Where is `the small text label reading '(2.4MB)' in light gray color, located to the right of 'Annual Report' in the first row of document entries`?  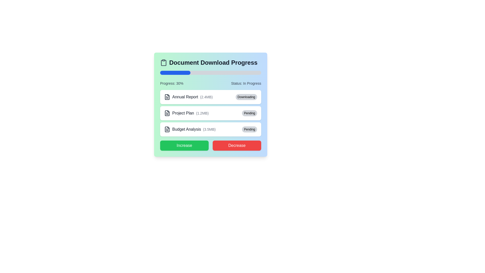 the small text label reading '(2.4MB)' in light gray color, located to the right of 'Annual Report' in the first row of document entries is located at coordinates (206, 97).